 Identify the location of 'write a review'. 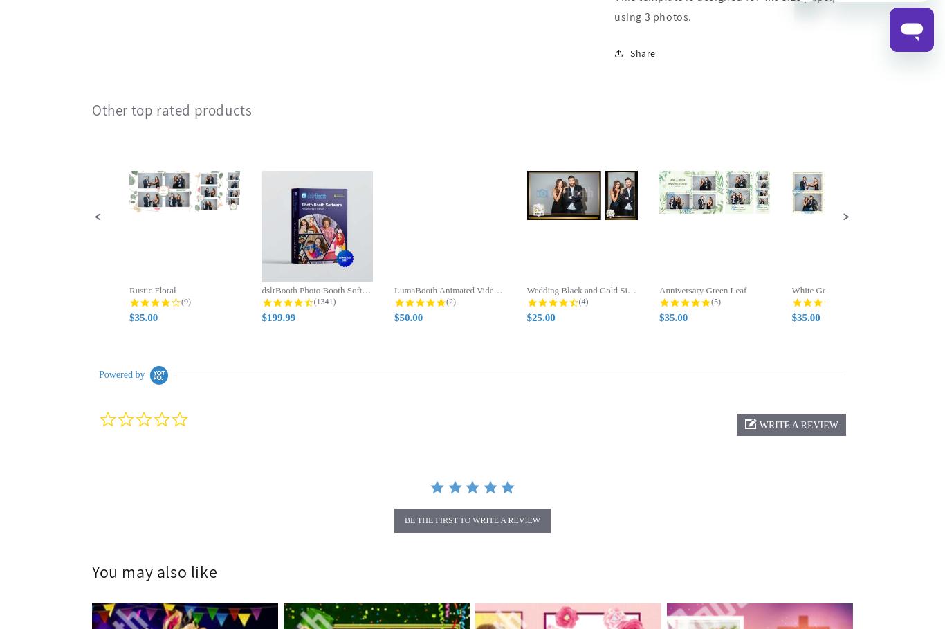
(758, 425).